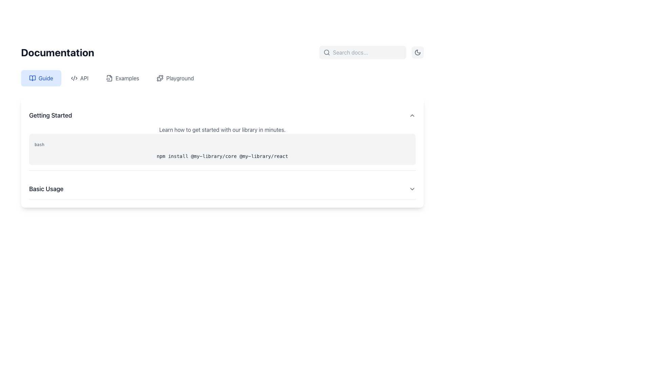 This screenshot has width=651, height=366. Describe the element at coordinates (417, 52) in the screenshot. I see `the SVG-rendered icon in the top-right section of the interface to trigger a tooltip for toggling dark mode` at that location.